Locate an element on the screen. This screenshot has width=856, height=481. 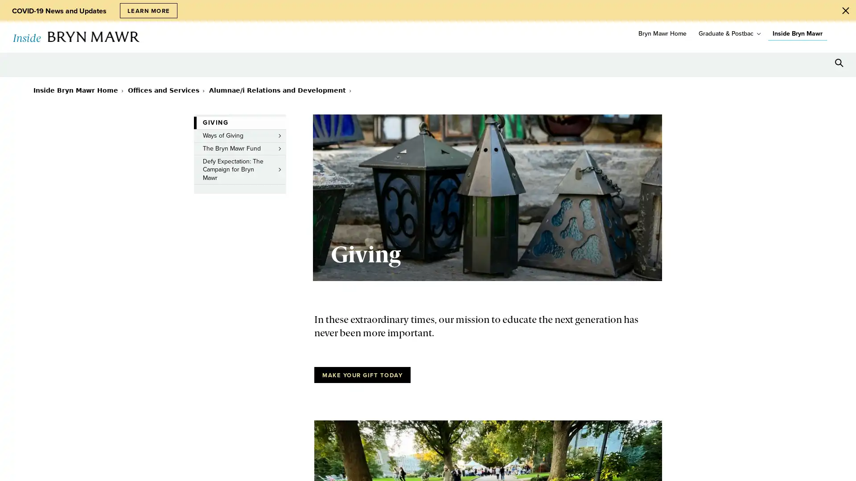
Open Resources menu is located at coordinates (816, 62).